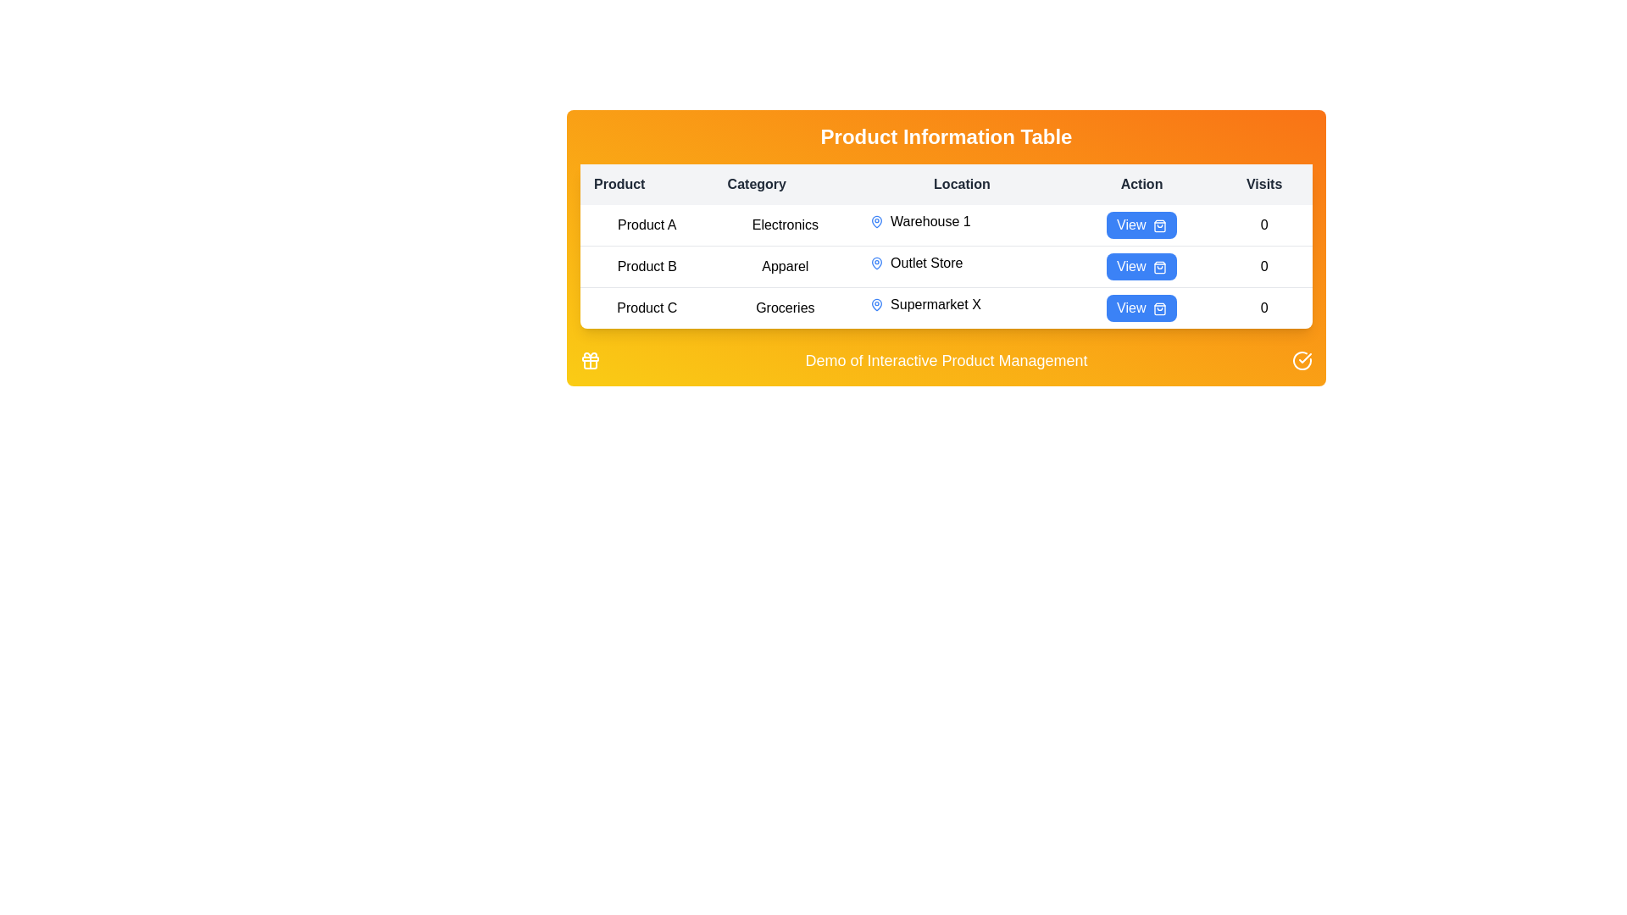 This screenshot has width=1627, height=915. I want to click on the text display 'Supermarket X' next to the blue pin icon, located in the 'Location' column of the Product Information Table, specifically in the third row, so click(962, 303).